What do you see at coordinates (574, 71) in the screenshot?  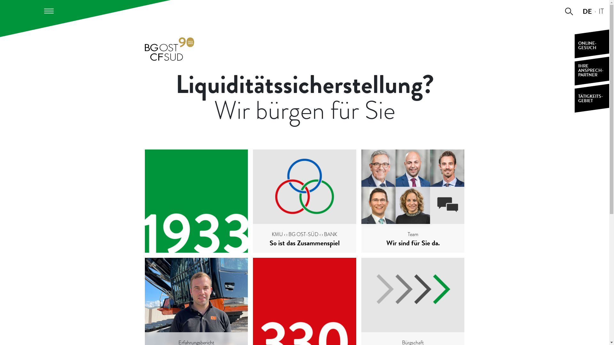 I see `'IHRE ANSPRECH-` at bounding box center [574, 71].